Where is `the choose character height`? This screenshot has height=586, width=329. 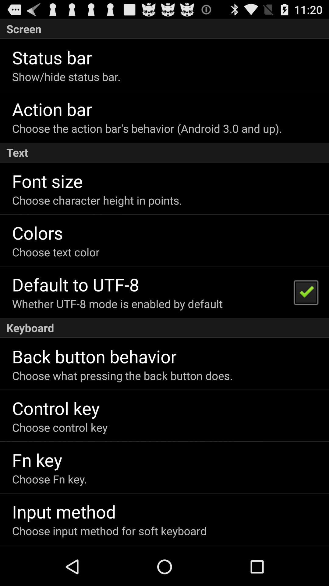
the choose character height is located at coordinates (97, 200).